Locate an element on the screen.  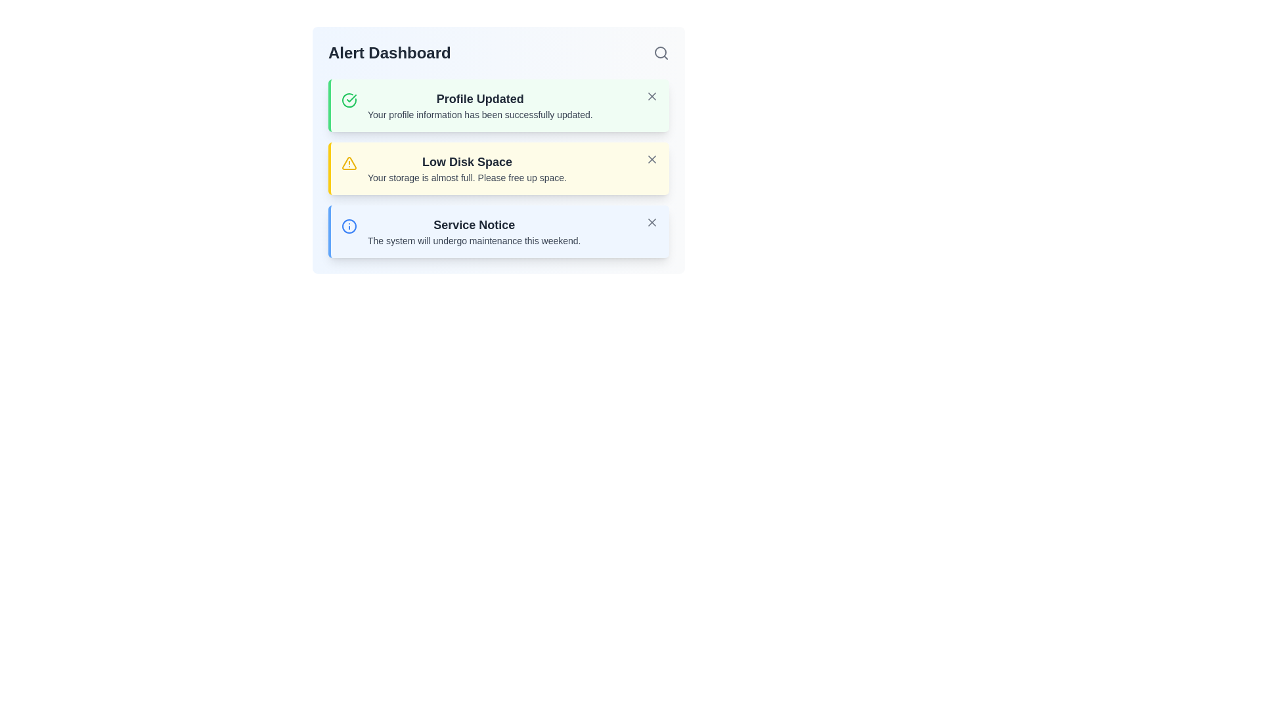
the content of the warning message text label displaying 'Your storage is almost full. Please free up space.' within the highlighted notification box titled 'Low Disk Space.' is located at coordinates (467, 177).